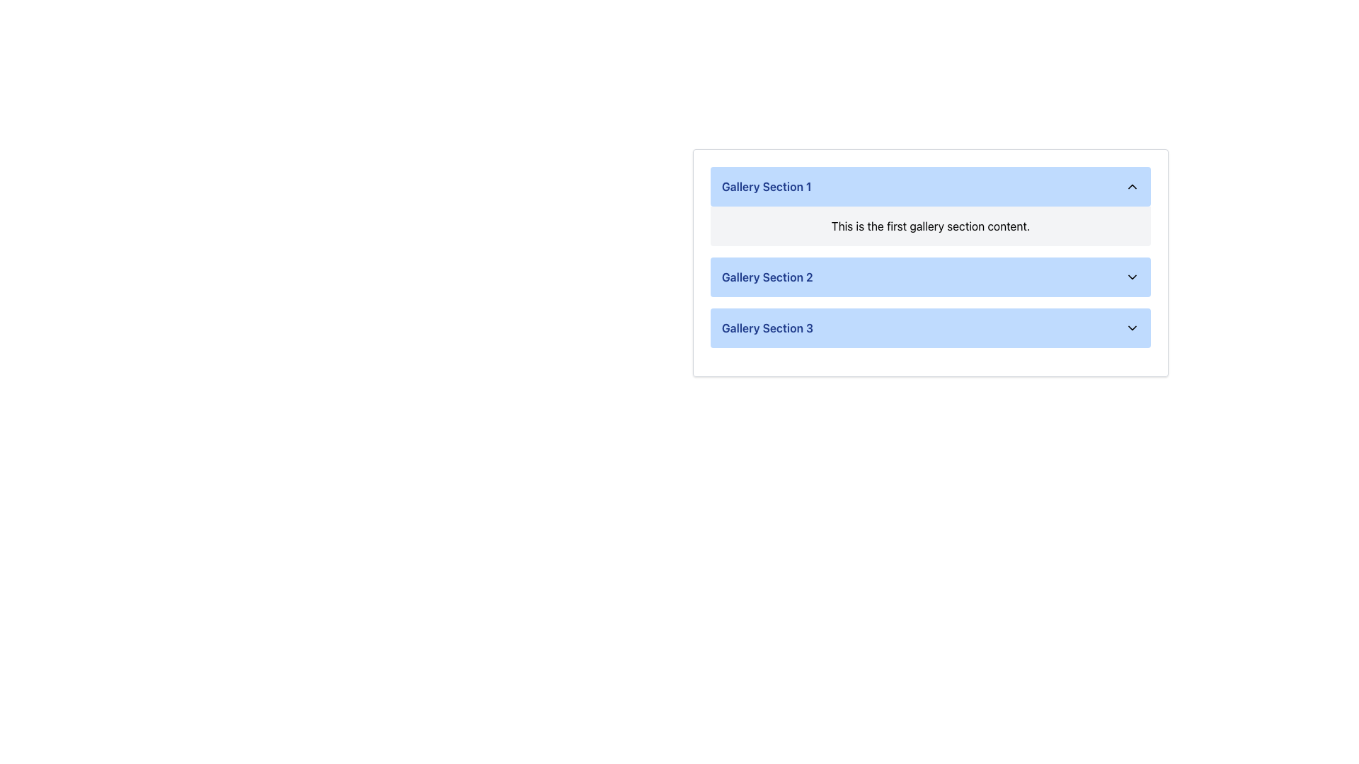 This screenshot has height=764, width=1359. What do you see at coordinates (767, 277) in the screenshot?
I see `the Text Label indicating the second section of the gallery, which is aligned to the left and next to a downward-facing chevron icon` at bounding box center [767, 277].